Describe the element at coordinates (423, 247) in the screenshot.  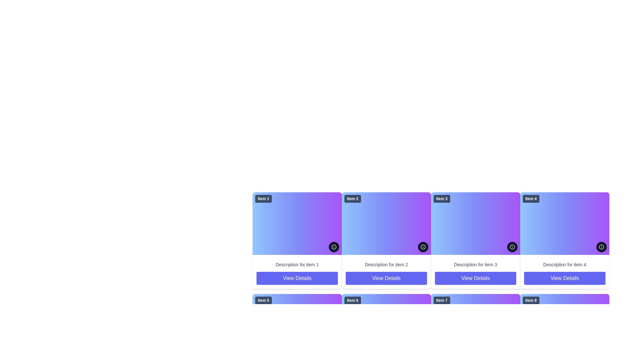
I see `the central circular part of the information icon located in the bottom-right corner of the card labeled 'Item 2' in the second row` at that location.